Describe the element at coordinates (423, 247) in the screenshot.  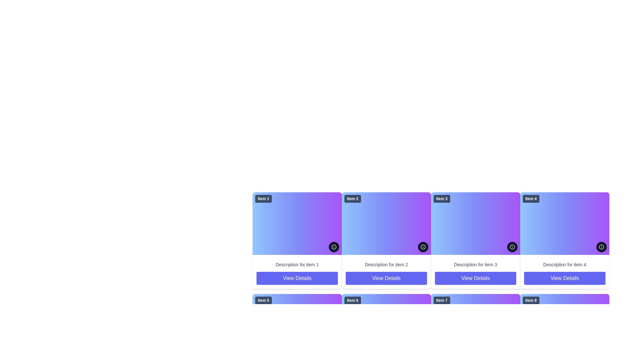
I see `the central circular part of the information icon located in the bottom-right corner of the card labeled 'Item 2' in the second row` at that location.